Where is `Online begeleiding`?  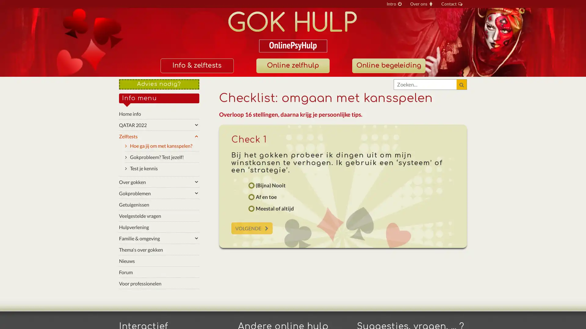
Online begeleiding is located at coordinates (388, 65).